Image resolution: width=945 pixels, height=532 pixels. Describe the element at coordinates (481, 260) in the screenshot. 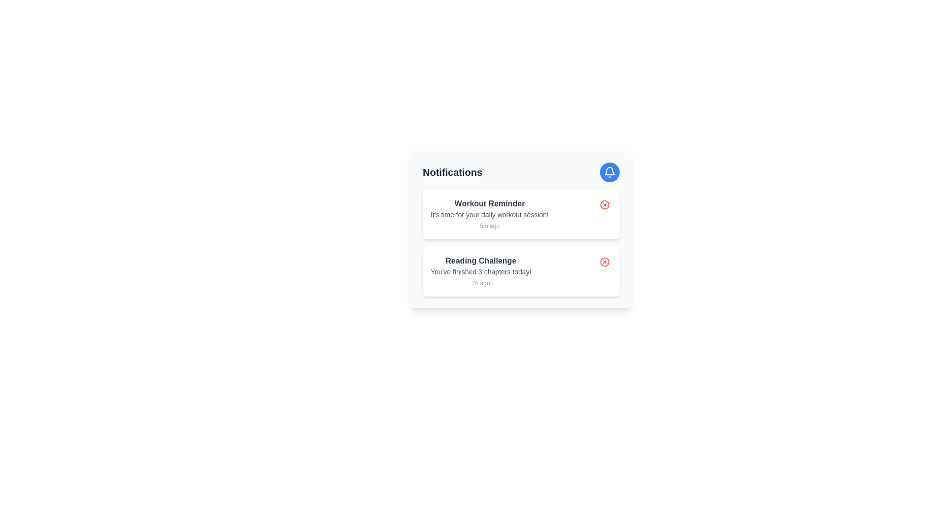

I see `the 'Reading Challenge' header text which is displayed in bold, medium-sized dark-gray font at the top of the notification card` at that location.